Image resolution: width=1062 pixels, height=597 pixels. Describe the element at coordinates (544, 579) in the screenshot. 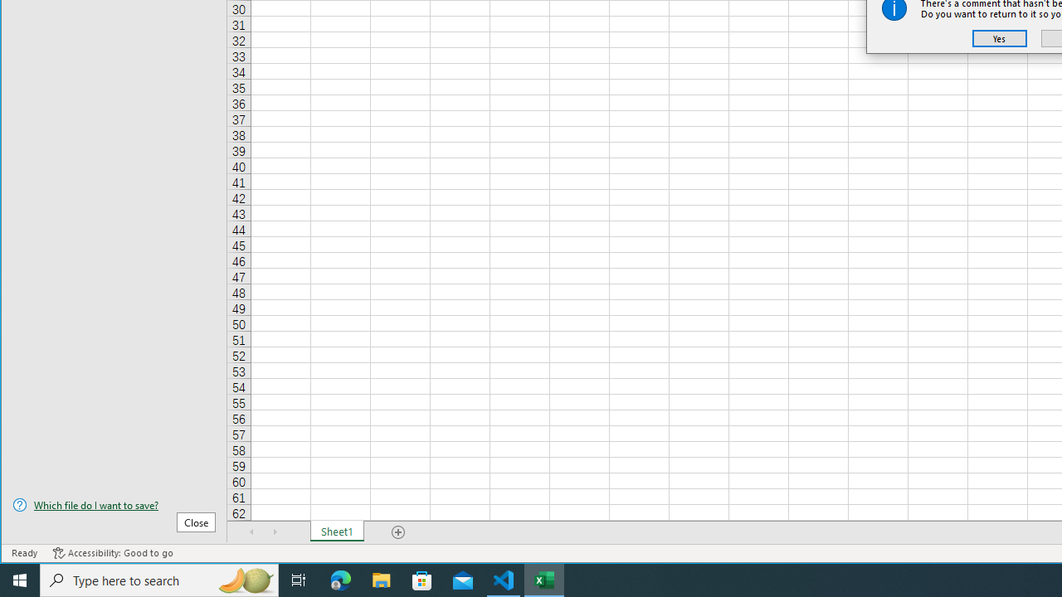

I see `'Excel - 1 running window'` at that location.